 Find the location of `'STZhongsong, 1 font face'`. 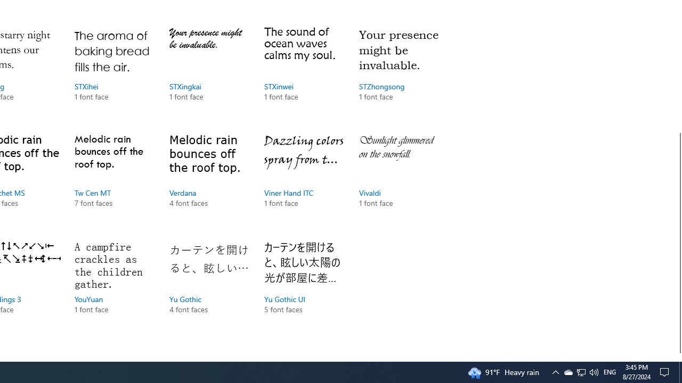

'STZhongsong, 1 font face' is located at coordinates (398, 74).